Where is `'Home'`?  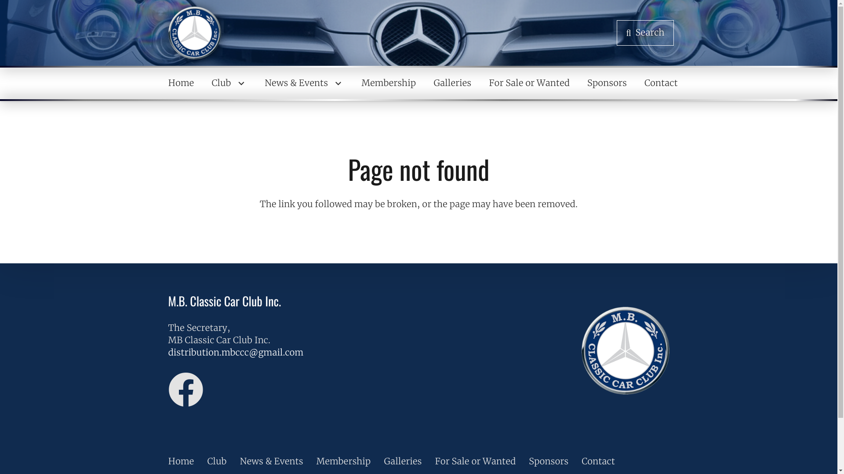 'Home' is located at coordinates (180, 83).